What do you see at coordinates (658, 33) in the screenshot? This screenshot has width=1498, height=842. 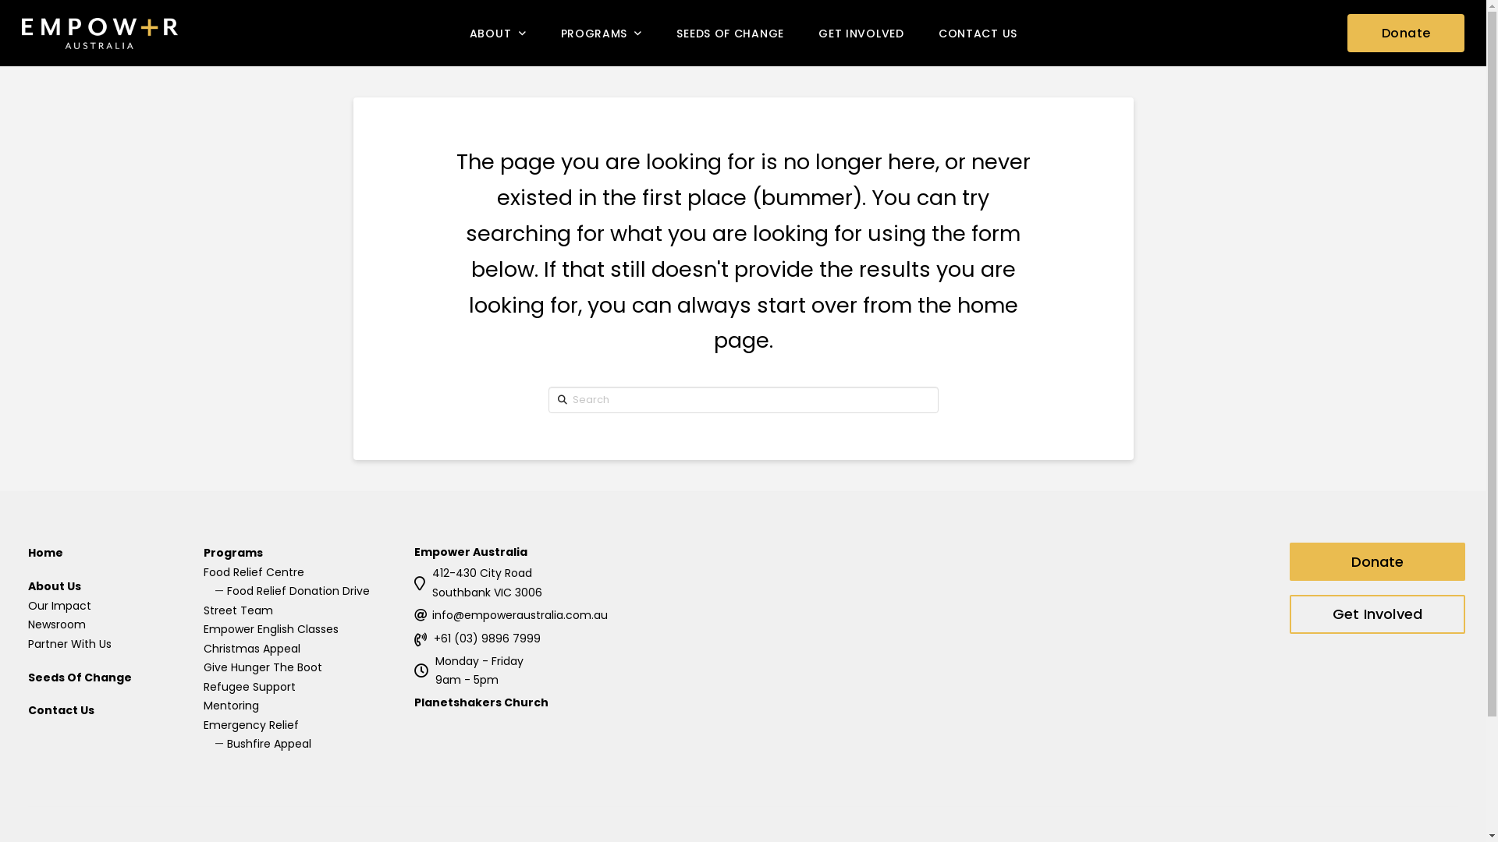 I see `'SEEDS OF CHANGE'` at bounding box center [658, 33].